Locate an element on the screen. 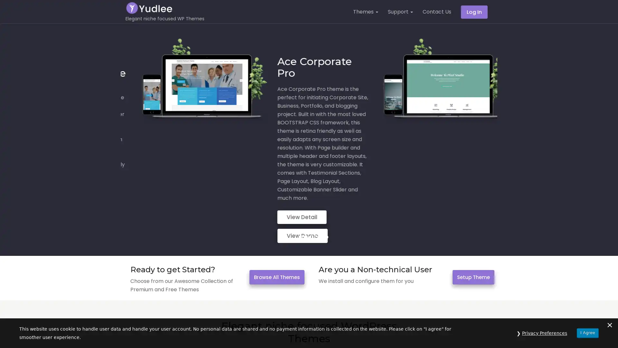 This screenshot has height=348, width=618. 2 is located at coordinates (305, 192).